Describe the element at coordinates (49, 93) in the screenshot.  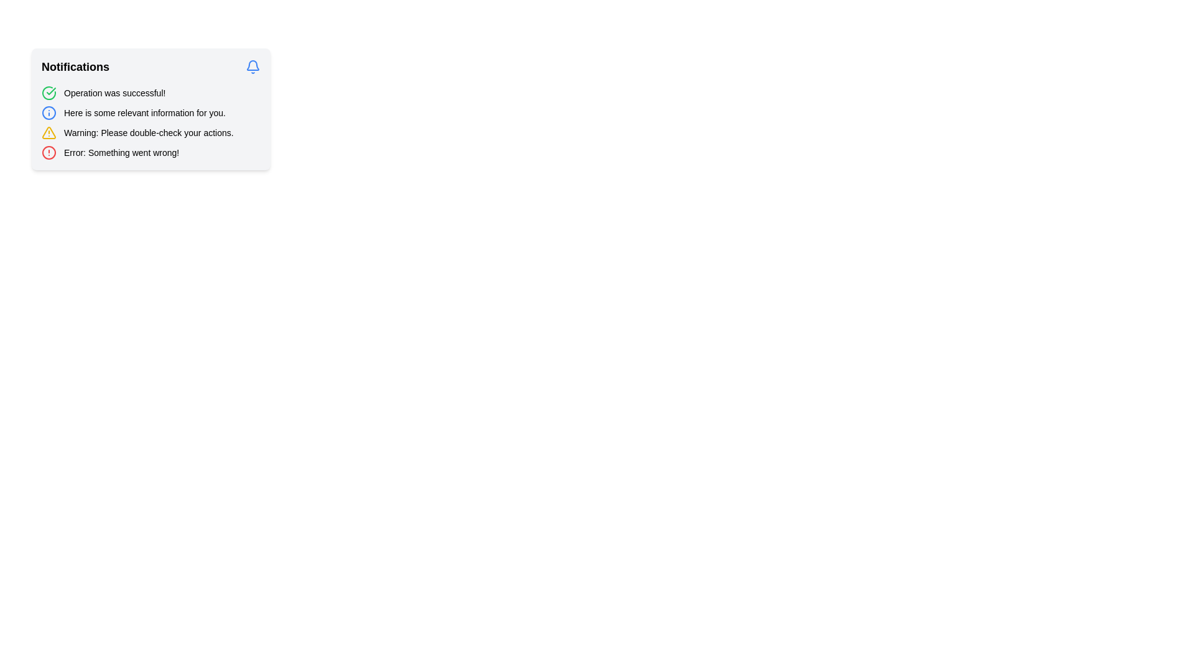
I see `the circular border of the green check icon located in the top-left corner of the notification panel, near the text 'Operation was successful!'` at that location.